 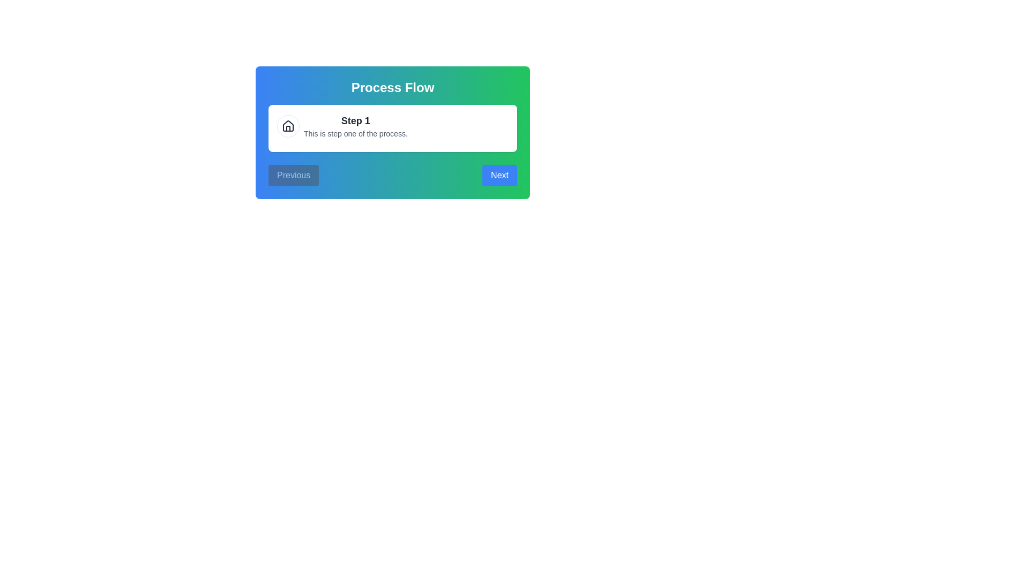 What do you see at coordinates (392, 125) in the screenshot?
I see `the 'Step 1' Card with Icon and Text to proceed to the next step in the workflow` at bounding box center [392, 125].